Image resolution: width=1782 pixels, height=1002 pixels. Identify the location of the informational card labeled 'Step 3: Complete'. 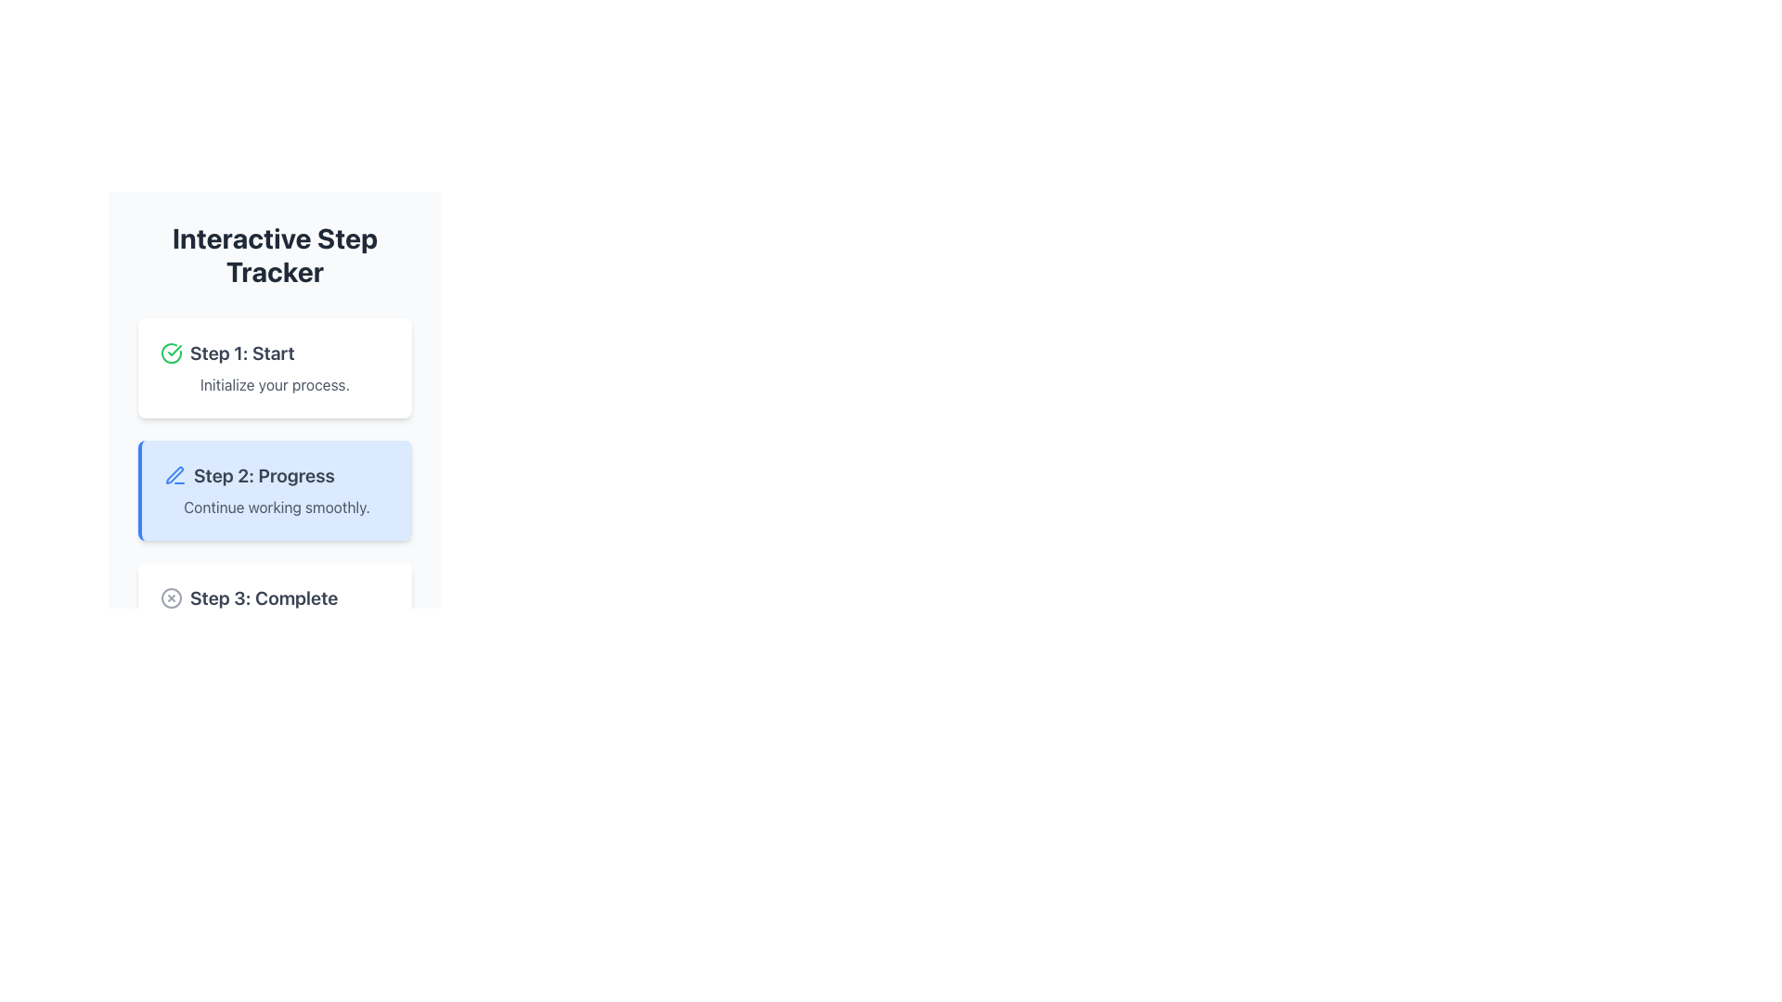
(274, 612).